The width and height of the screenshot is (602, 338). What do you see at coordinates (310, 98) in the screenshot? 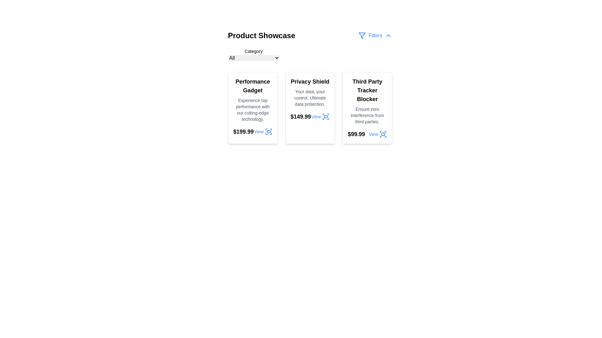
I see `the descriptive text element for the product 'Privacy Shield', which is located below the title and above the price and button elements in the card layout` at bounding box center [310, 98].